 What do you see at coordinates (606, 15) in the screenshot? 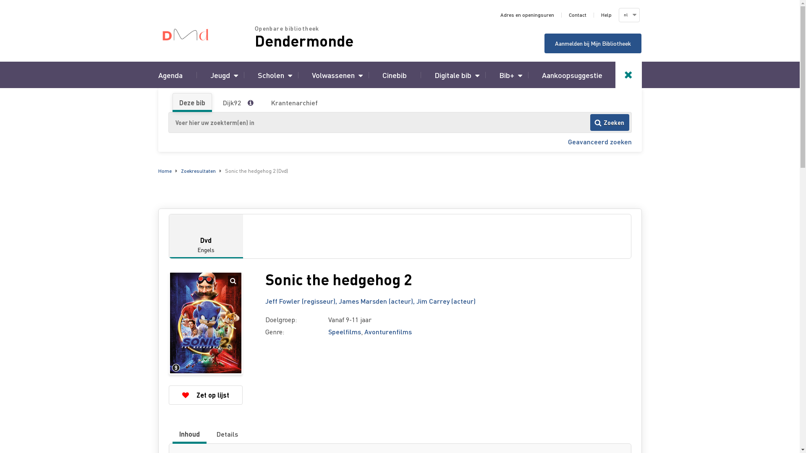
I see `'Help'` at bounding box center [606, 15].